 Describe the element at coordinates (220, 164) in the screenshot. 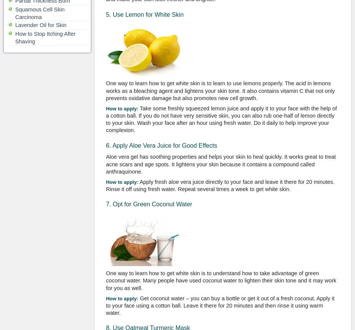

I see `'Aloe vera gel has soothing properties and helps your skin to heal quickly. It works great to treat acne scars and age spots. It lightens your skin because it contains a compound called anthraquinone.'` at that location.